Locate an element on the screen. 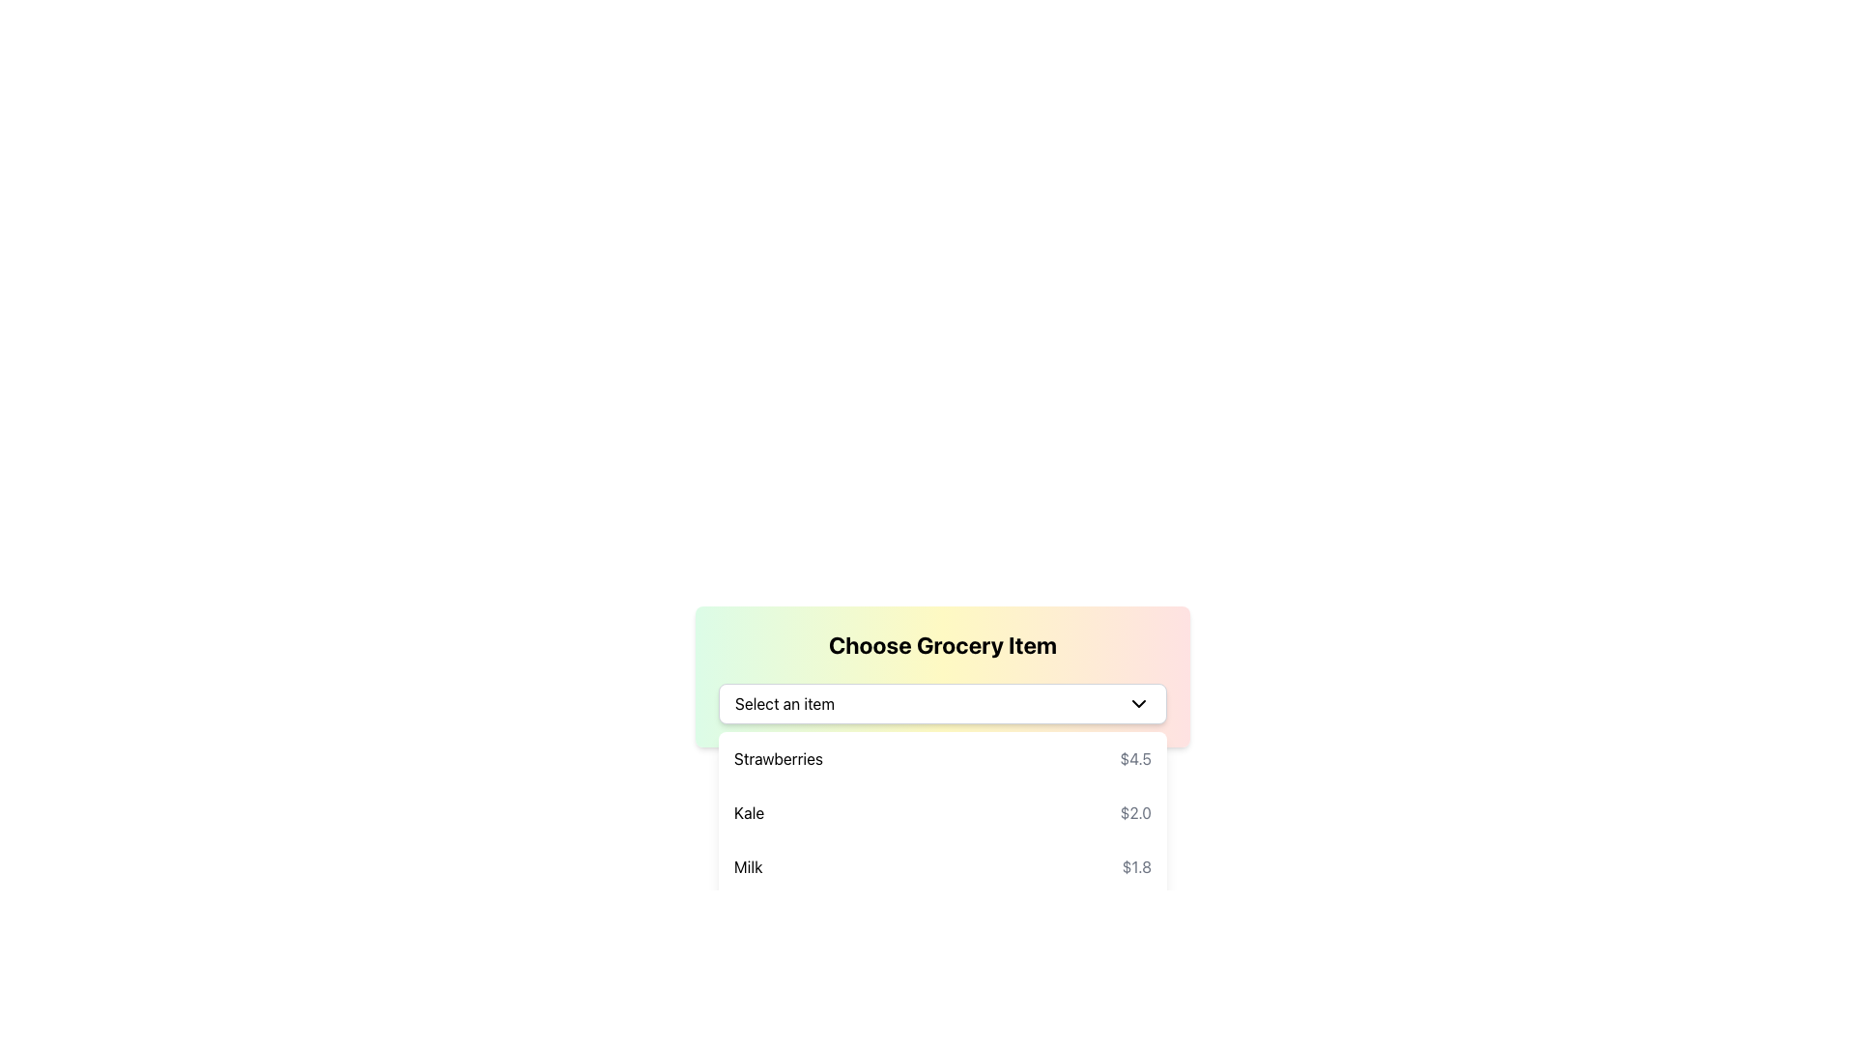  the selectable option for 'Kale' priced at $2.0 in the grocery item selection dropdown is located at coordinates (942, 812).